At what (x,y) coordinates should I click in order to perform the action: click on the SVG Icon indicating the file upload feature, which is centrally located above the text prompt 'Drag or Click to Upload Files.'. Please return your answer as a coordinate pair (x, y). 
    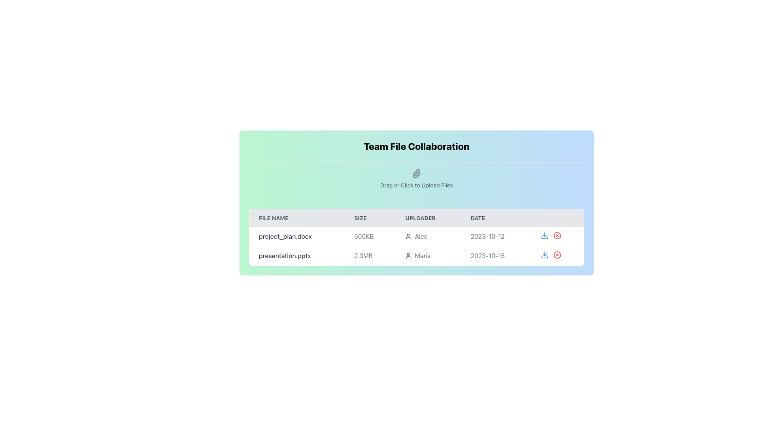
    Looking at the image, I should click on (416, 173).